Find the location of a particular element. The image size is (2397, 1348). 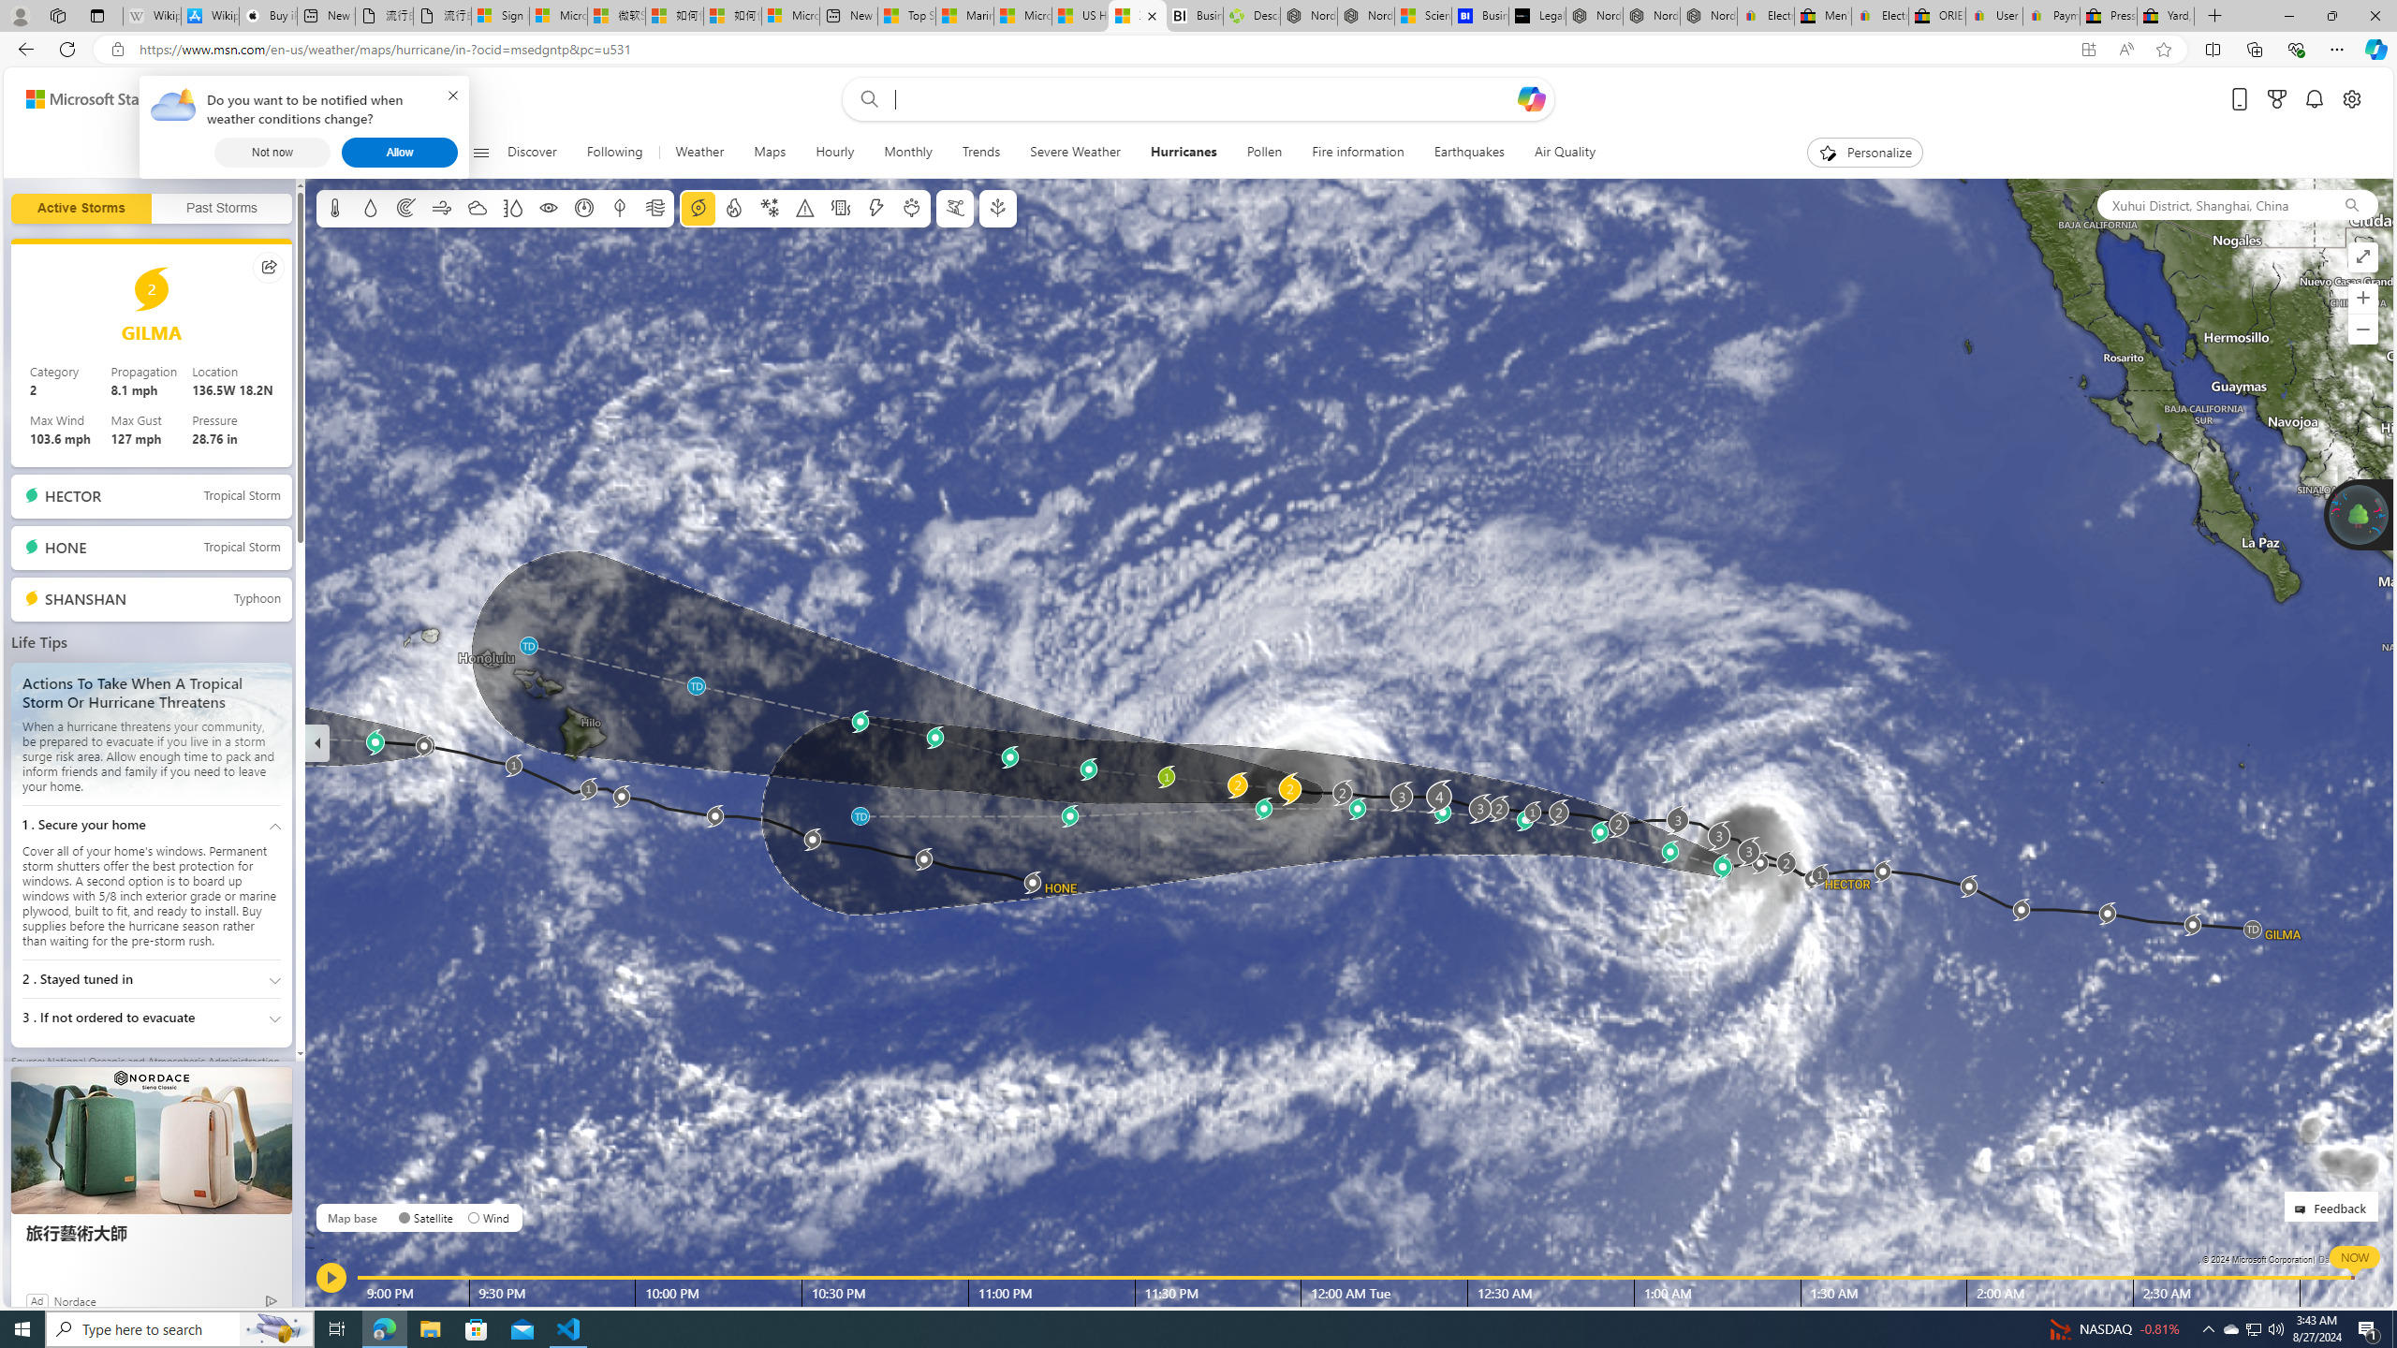

'Air Quality' is located at coordinates (1565, 152).